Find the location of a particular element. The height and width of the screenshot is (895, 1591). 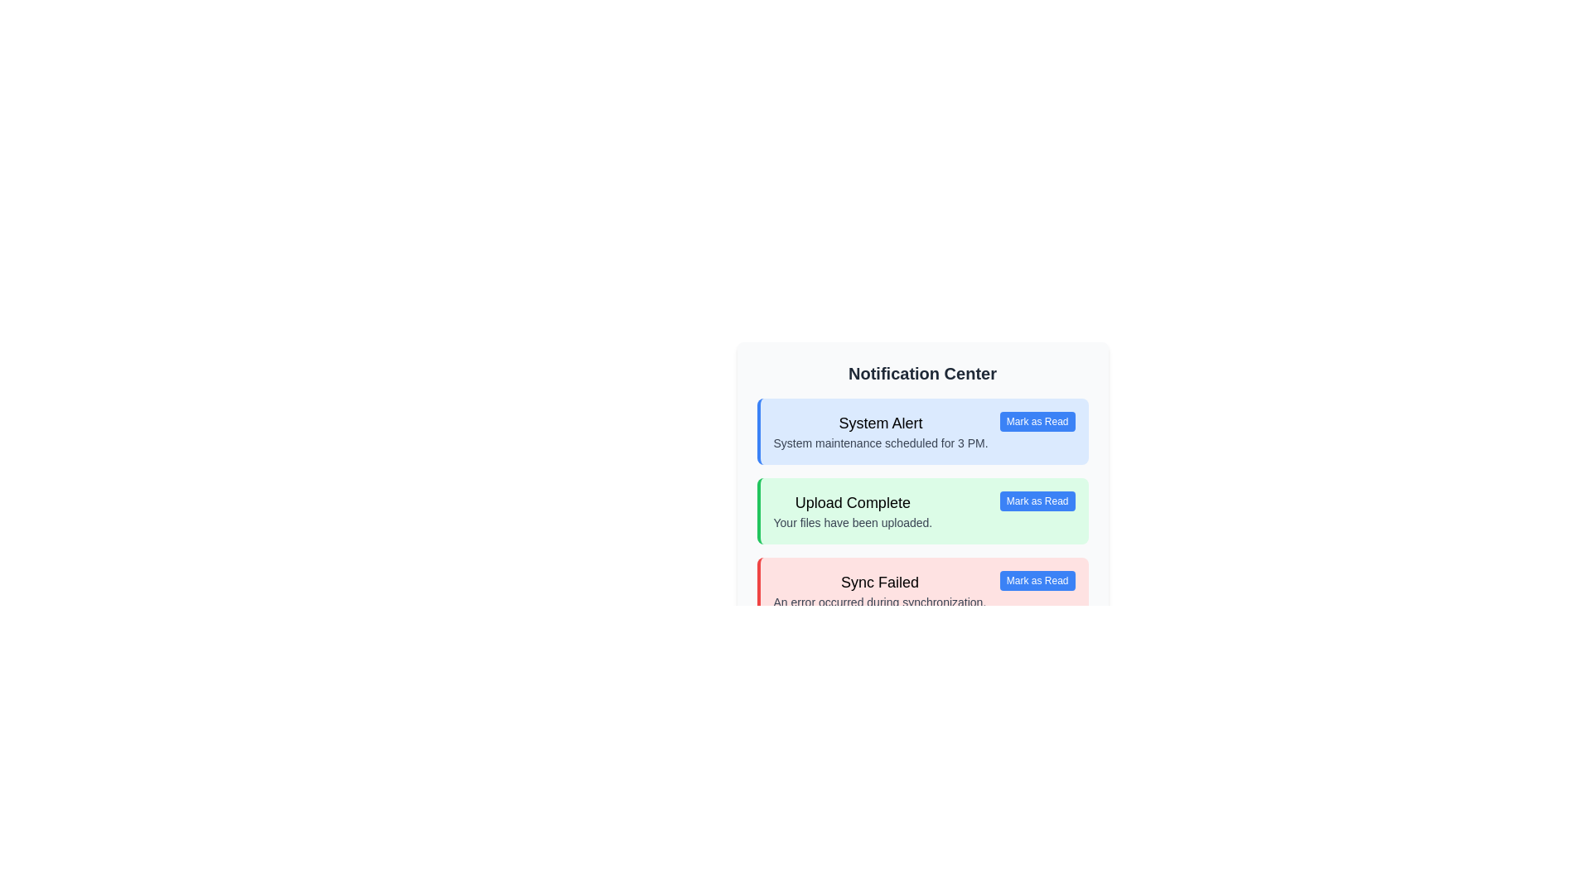

the text label indicating successful file upload in the Notification Center is located at coordinates (853, 501).